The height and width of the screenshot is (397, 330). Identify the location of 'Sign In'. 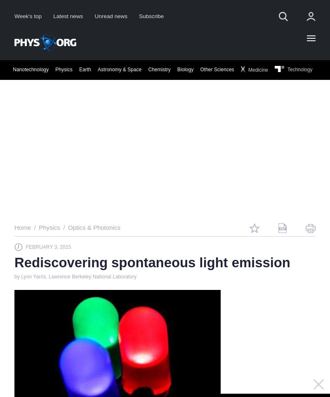
(222, 130).